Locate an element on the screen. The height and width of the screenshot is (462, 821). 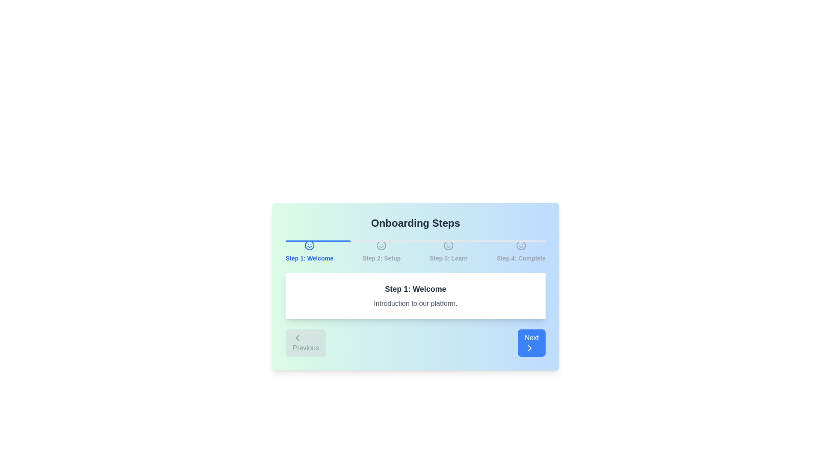
the 'Step 2: Setup' icon, which is the second icon in the onboarding steps interface, to visually indicate the current phase of the onboarding process is located at coordinates (381, 246).